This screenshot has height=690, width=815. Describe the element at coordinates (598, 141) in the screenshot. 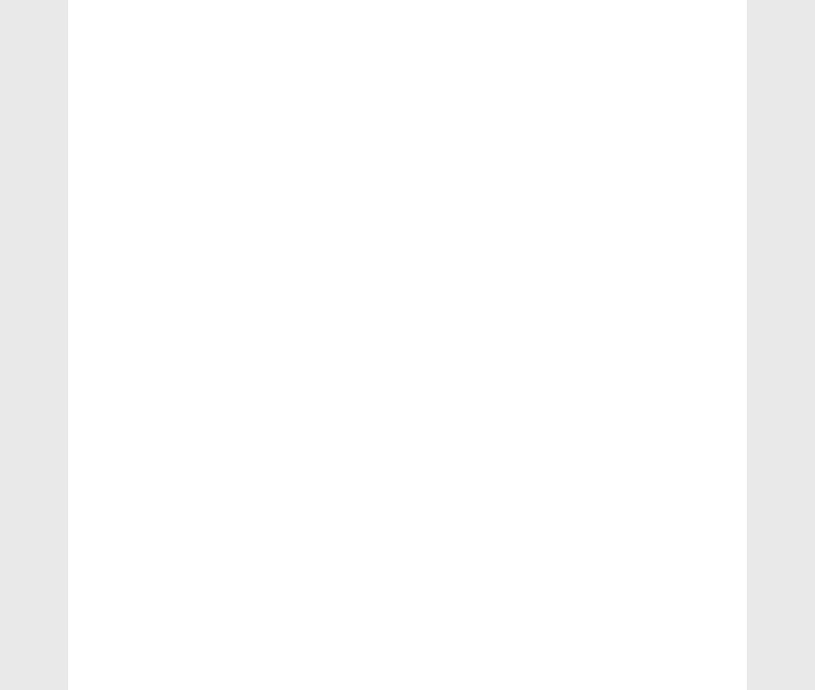

I see `'India'` at that location.